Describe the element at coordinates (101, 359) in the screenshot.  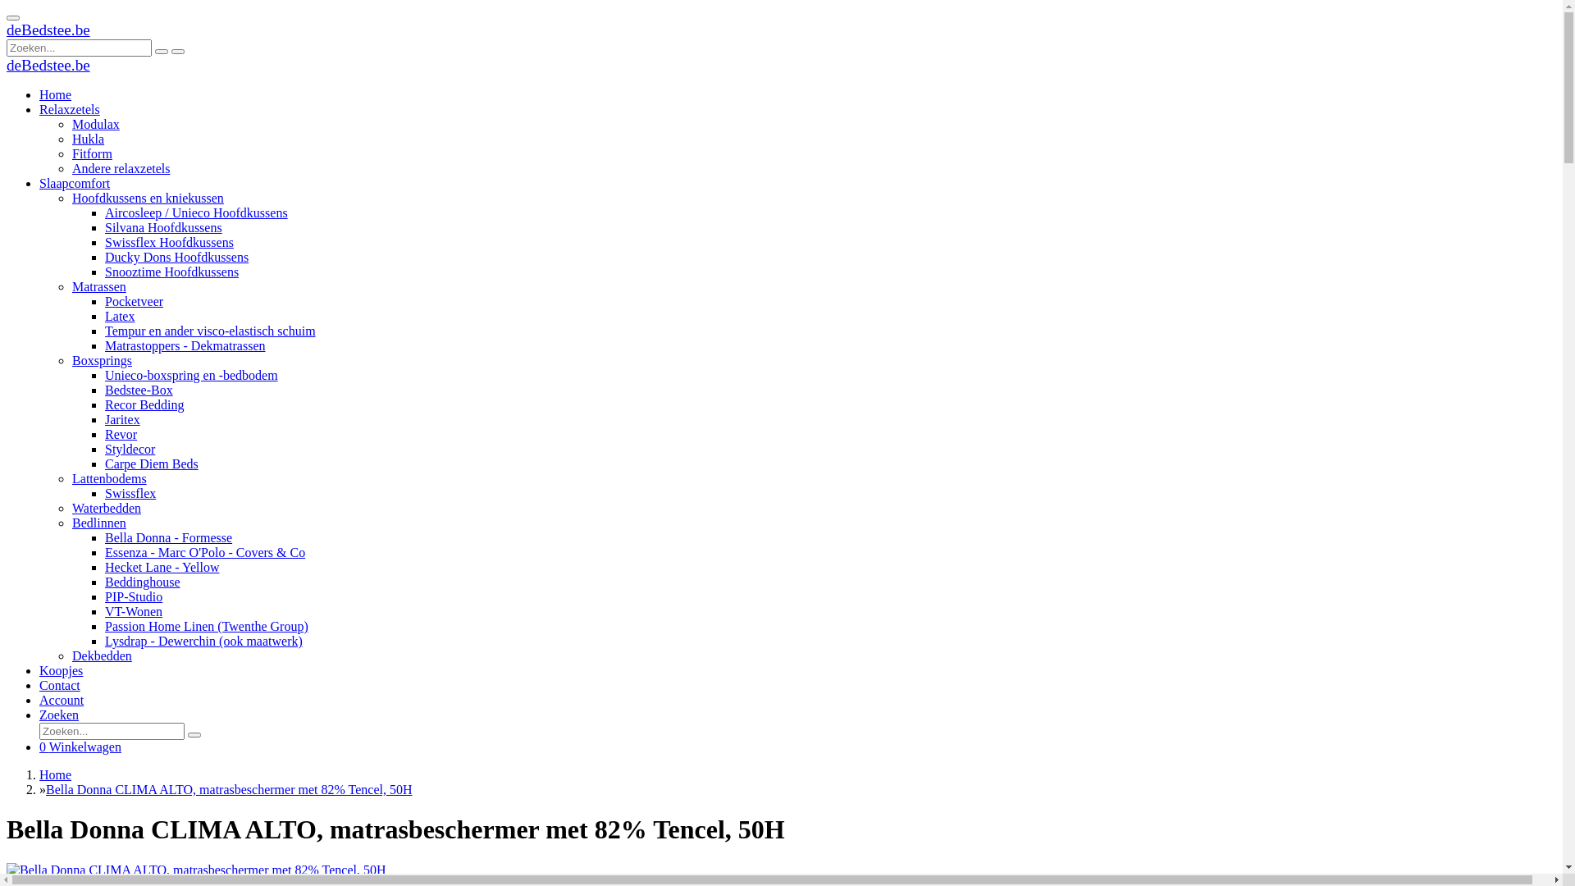
I see `'Boxsprings'` at that location.